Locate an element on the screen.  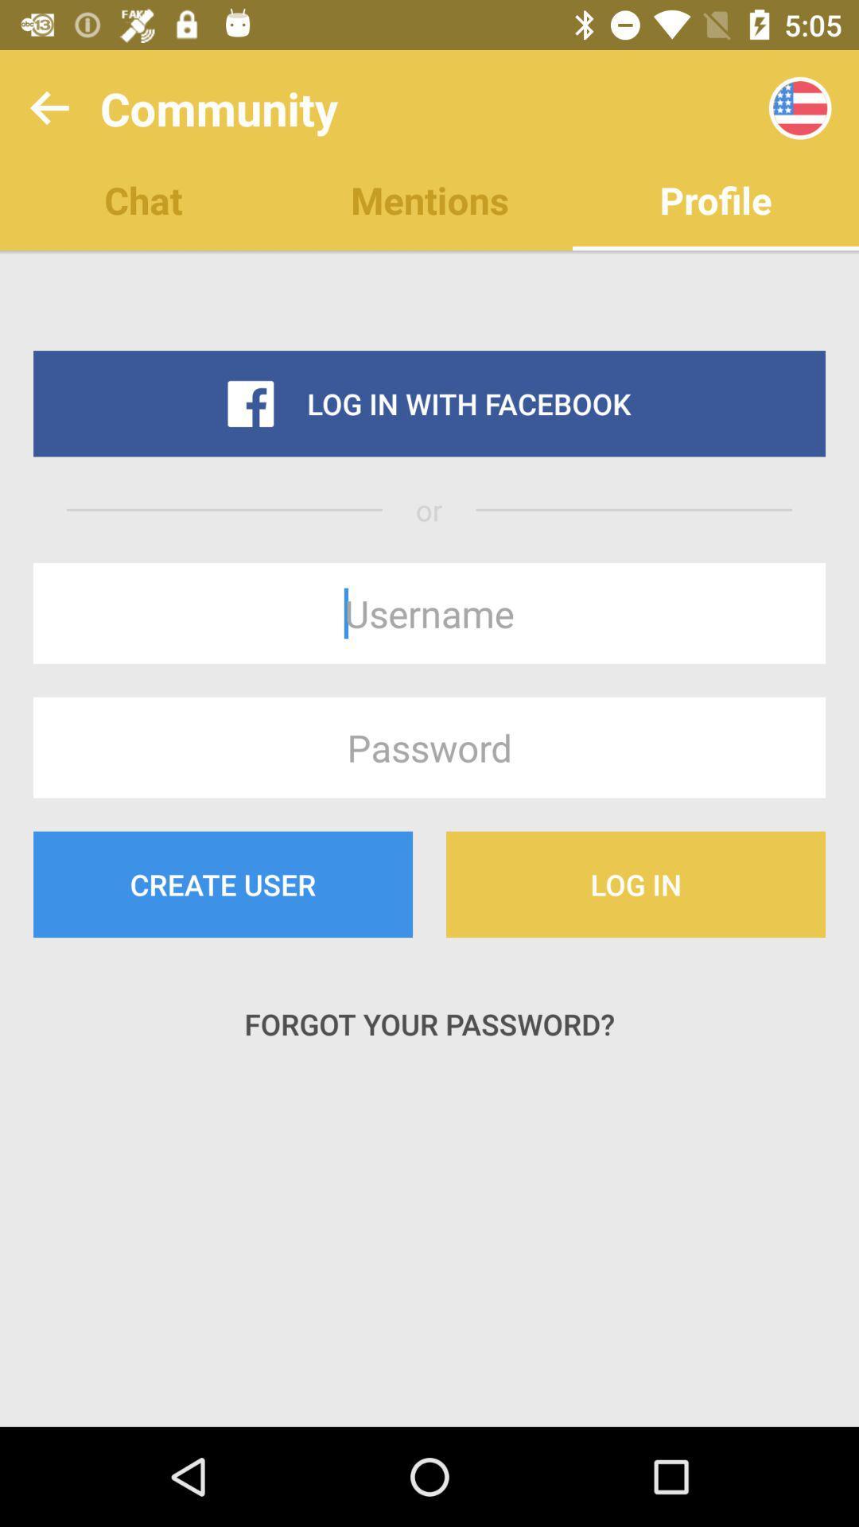
password text box is located at coordinates (429, 747).